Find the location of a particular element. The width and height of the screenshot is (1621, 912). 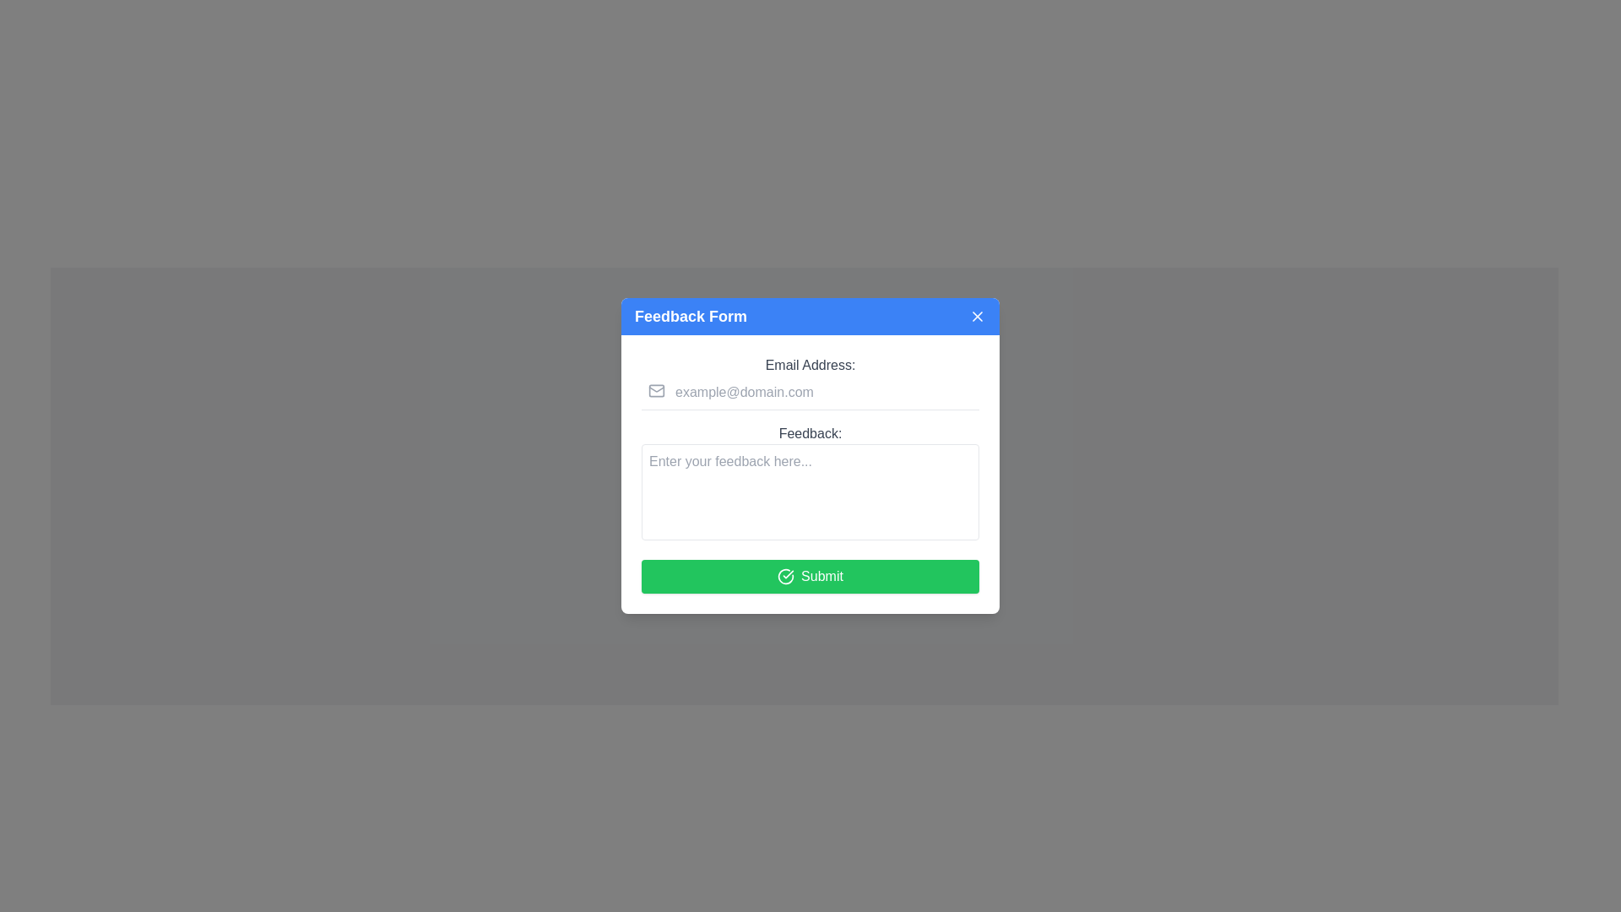

the 'Submit' button by clicking on the confirmation icon located at the top left corner inside the button is located at coordinates (785, 575).